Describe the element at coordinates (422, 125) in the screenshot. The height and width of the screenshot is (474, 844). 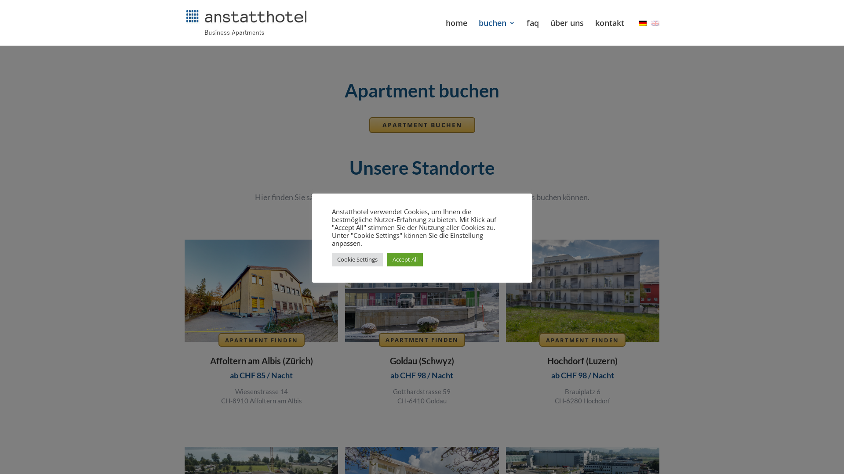
I see `'APARTMENT BUCHEN'` at that location.